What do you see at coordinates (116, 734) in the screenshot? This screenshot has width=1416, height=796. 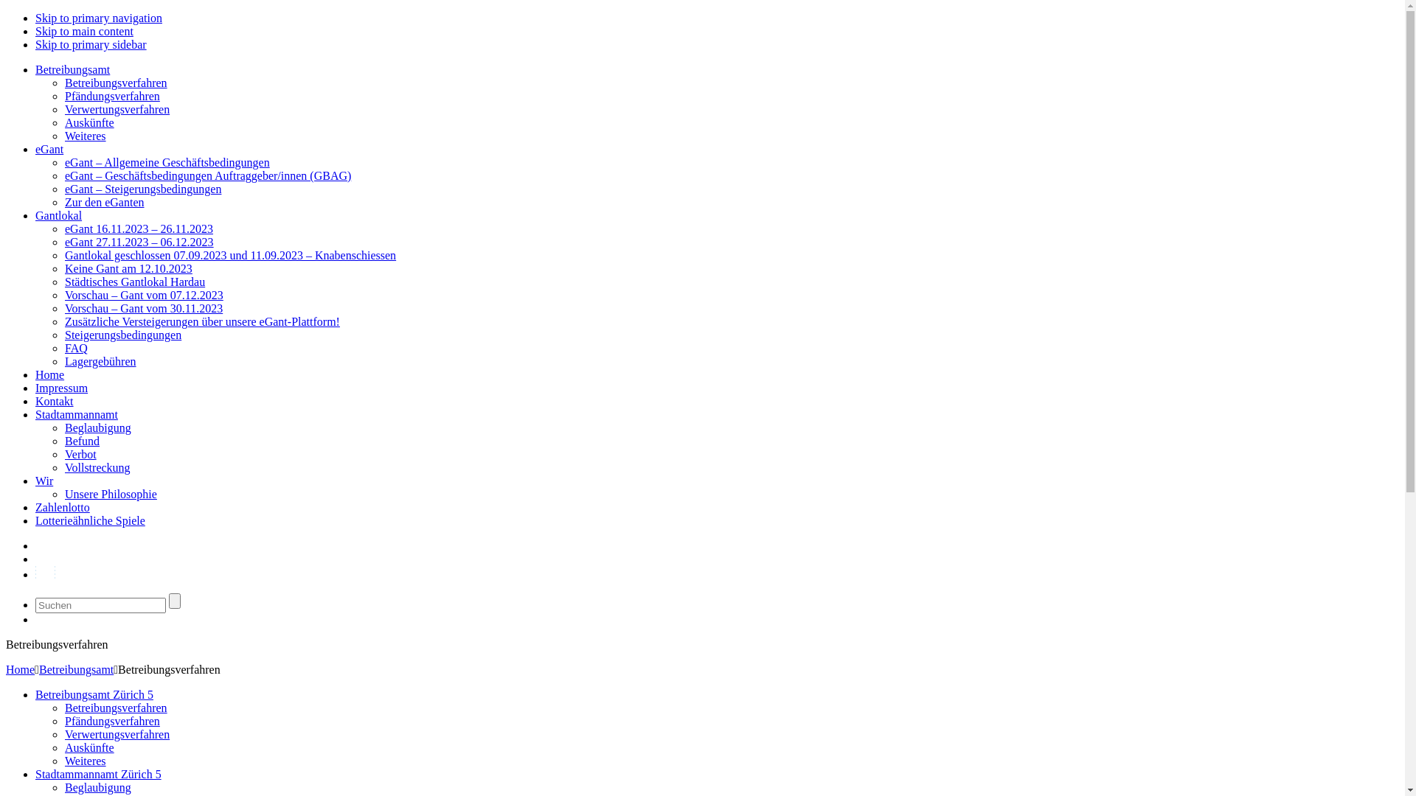 I see `'Verwertungsverfahren'` at bounding box center [116, 734].